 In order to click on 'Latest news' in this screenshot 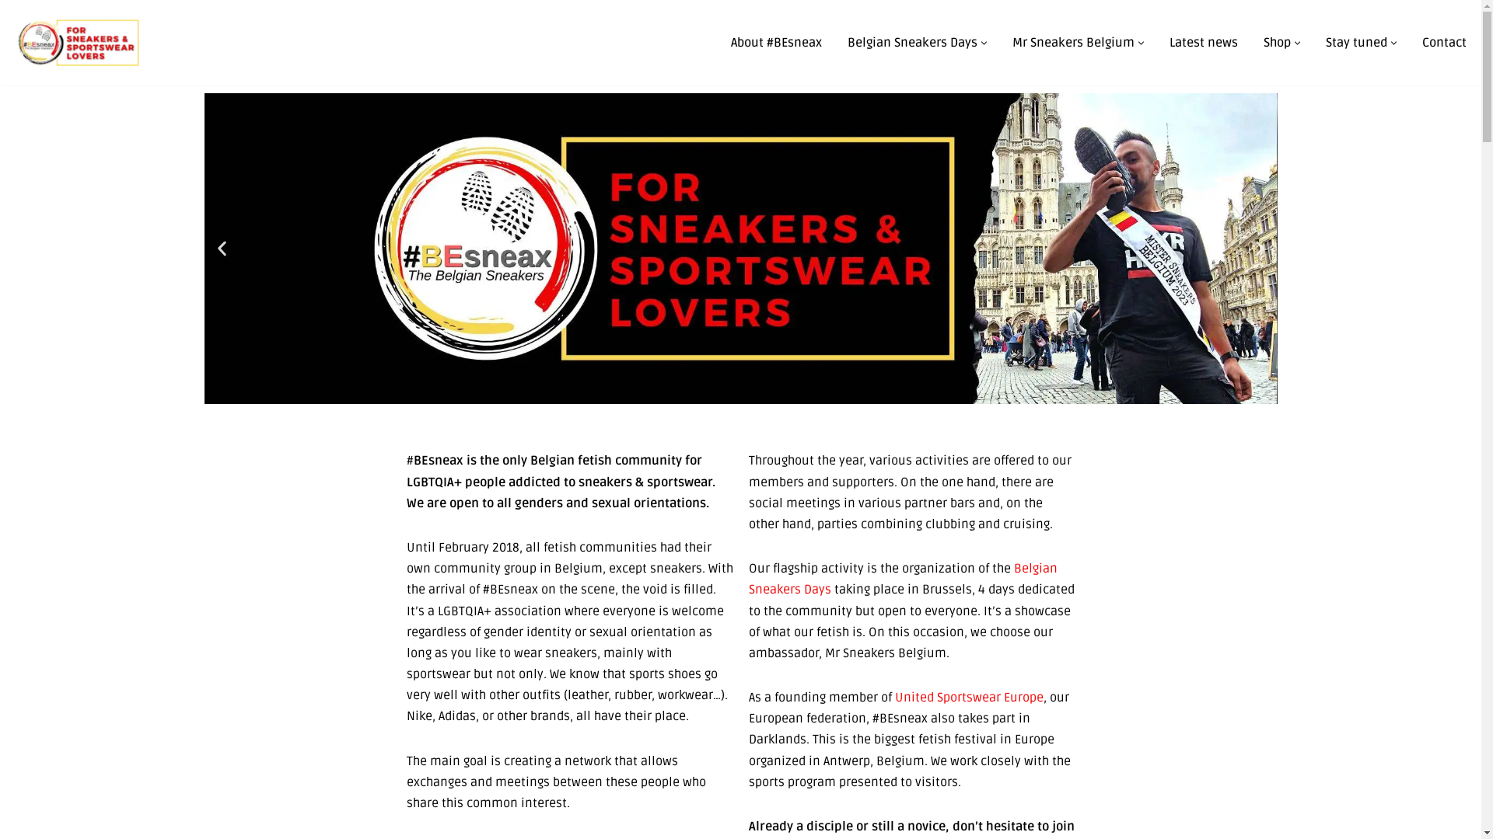, I will do `click(1203, 42)`.